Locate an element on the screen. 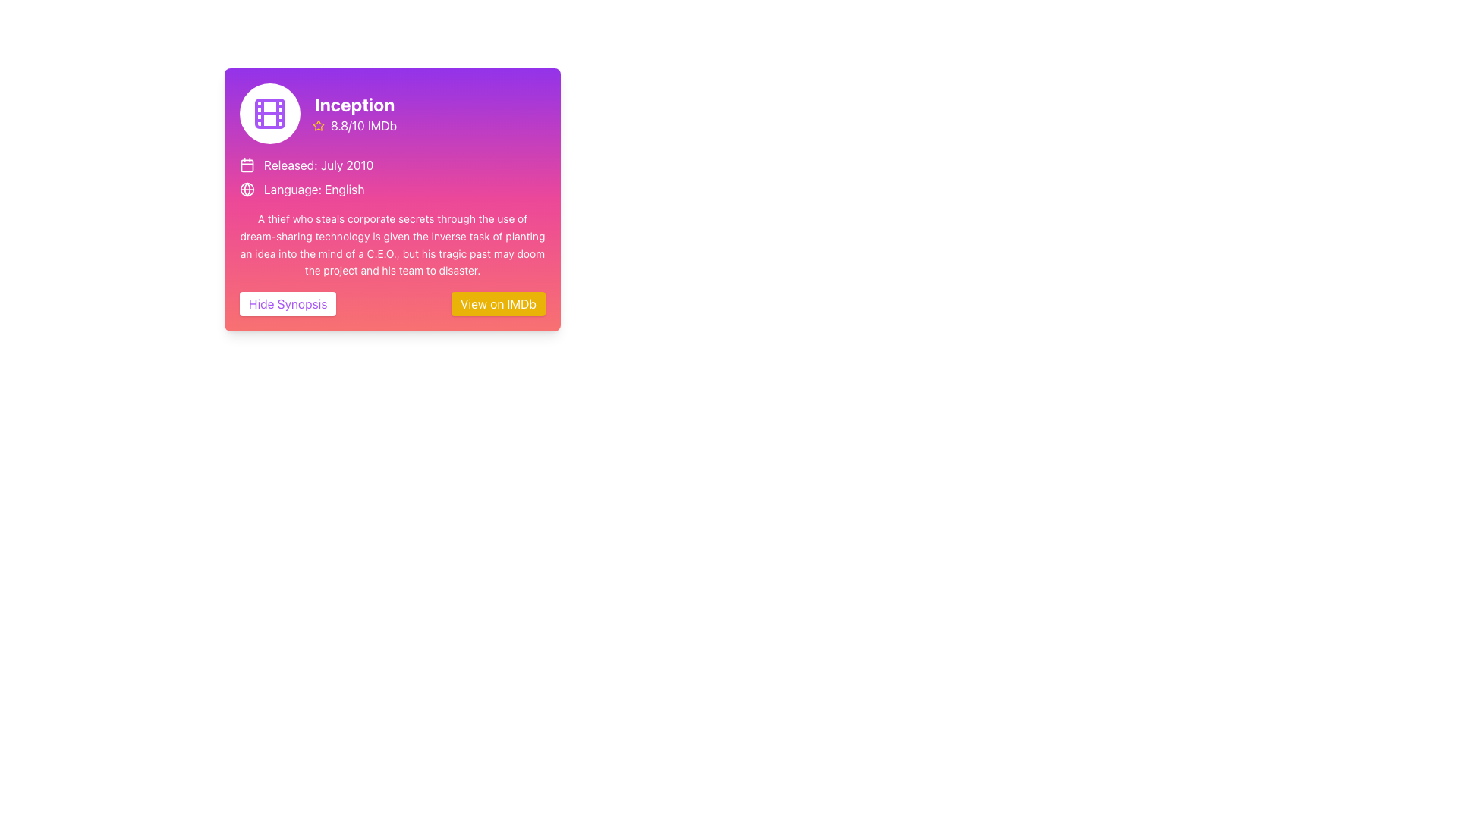 Image resolution: width=1457 pixels, height=819 pixels. the IMDb rating Text Label, which is positioned immediately to the right of a yellow star icon at the top part of the card component is located at coordinates (363, 124).